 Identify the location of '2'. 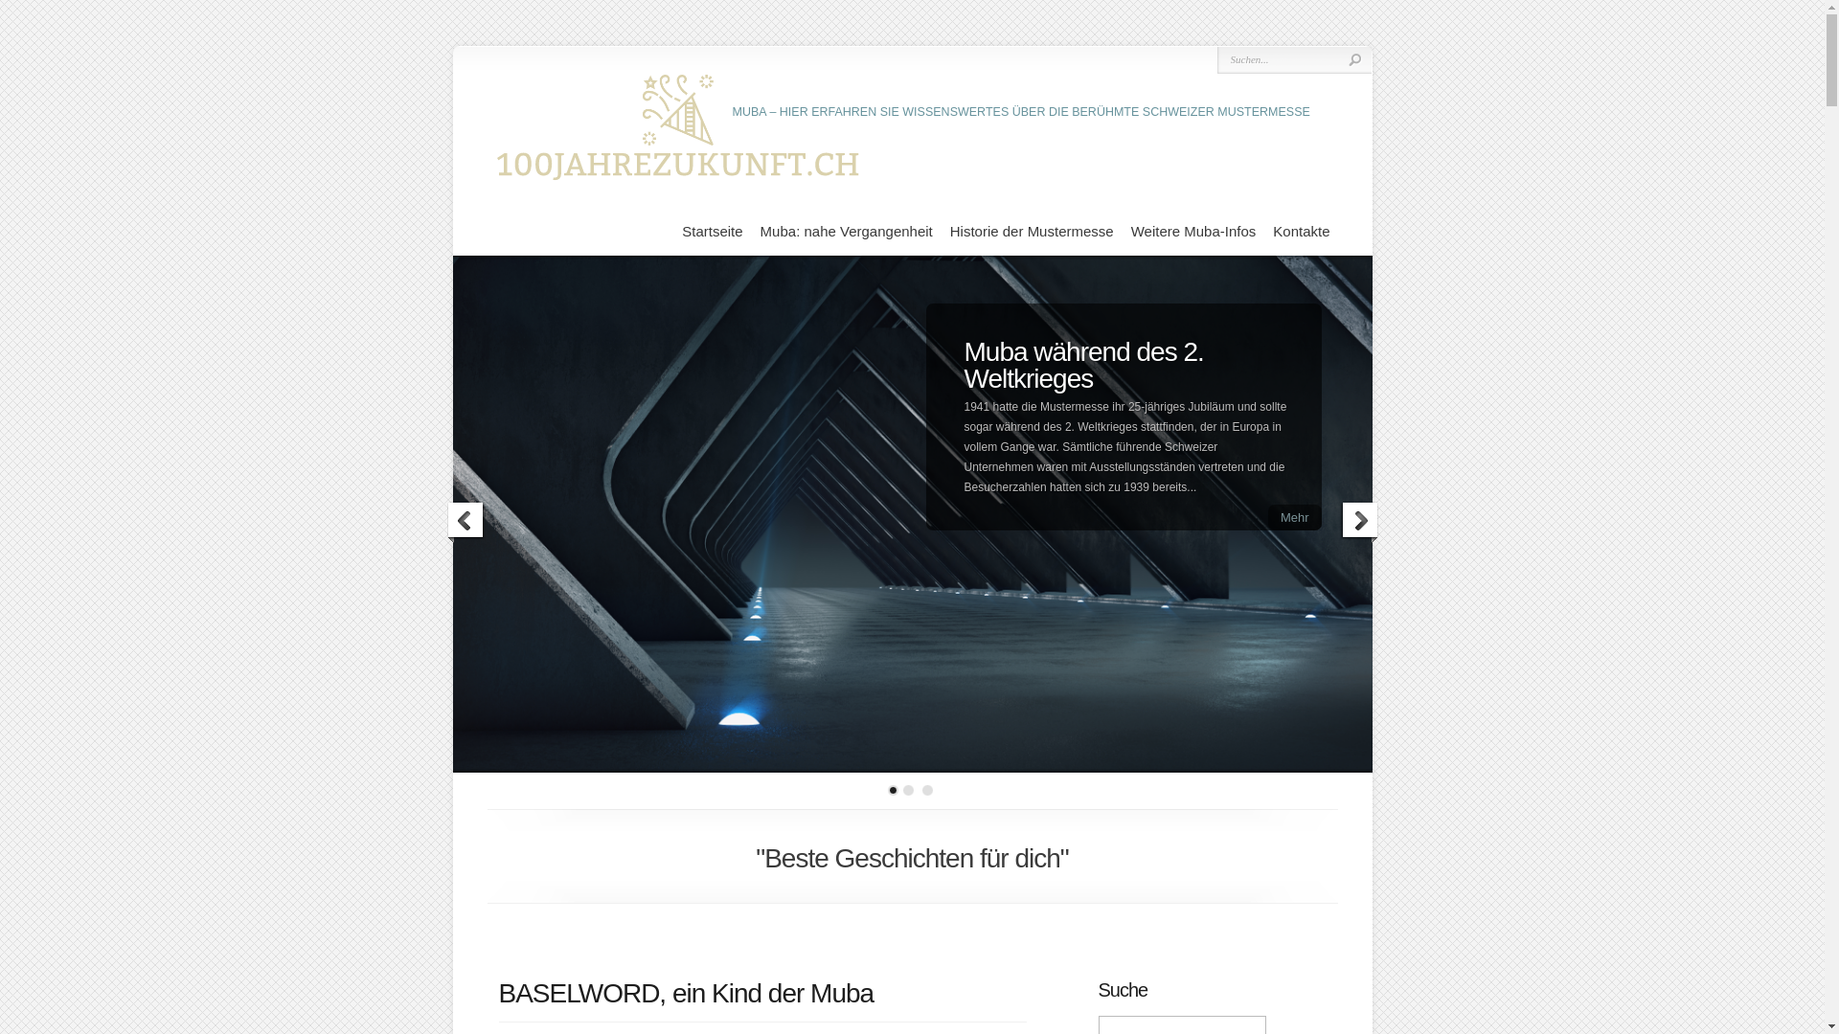
(907, 790).